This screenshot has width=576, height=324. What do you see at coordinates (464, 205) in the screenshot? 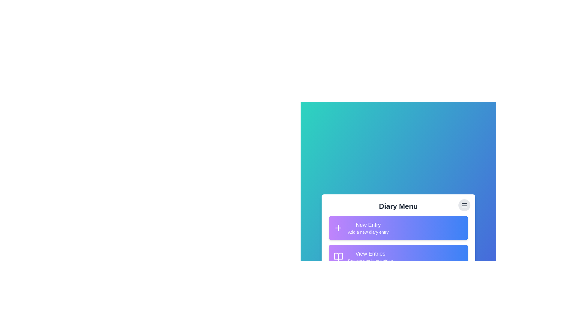
I see `menu toggle button to toggle the menu visibility` at bounding box center [464, 205].